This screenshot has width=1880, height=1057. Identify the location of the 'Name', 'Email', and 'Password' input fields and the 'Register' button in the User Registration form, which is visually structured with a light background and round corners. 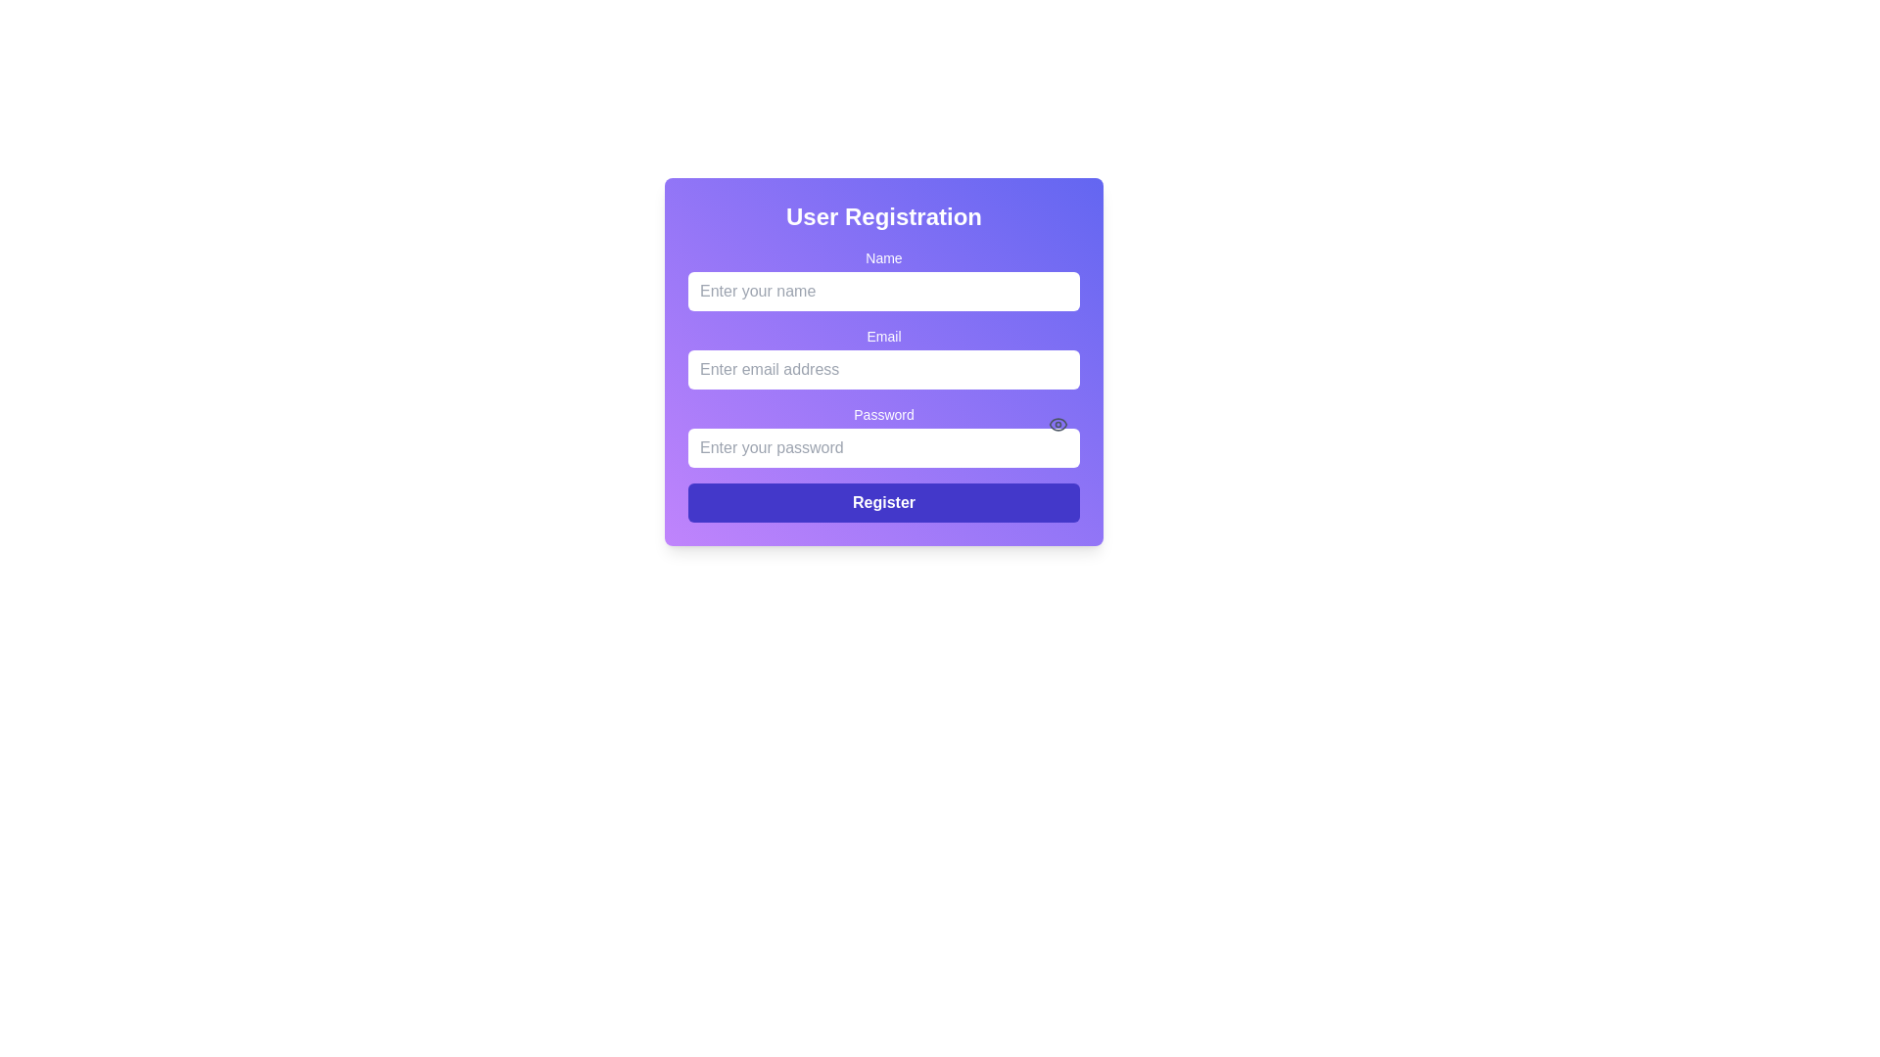
(882, 385).